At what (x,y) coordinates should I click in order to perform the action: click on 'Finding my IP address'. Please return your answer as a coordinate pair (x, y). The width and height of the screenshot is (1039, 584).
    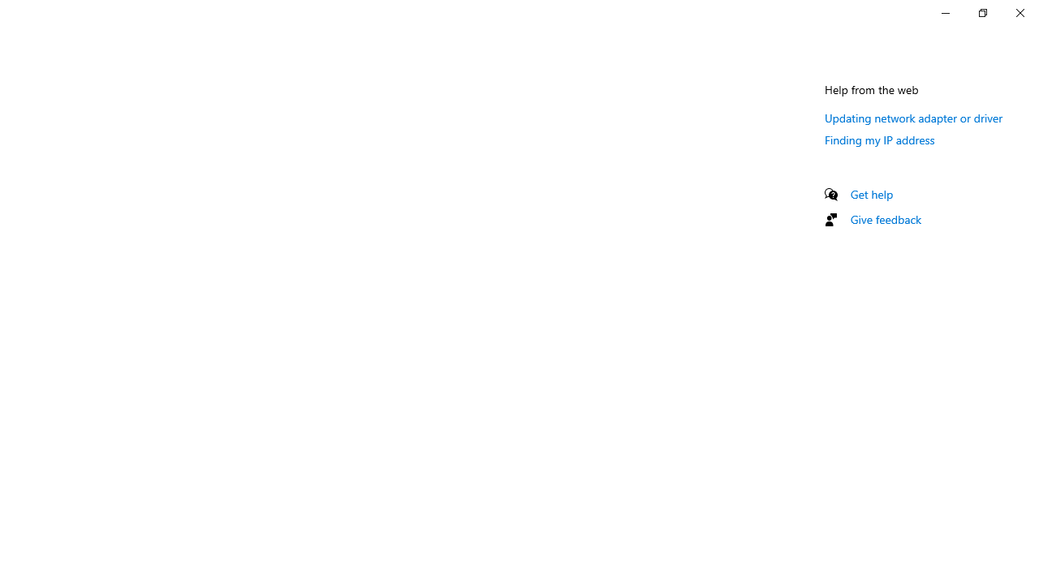
    Looking at the image, I should click on (879, 139).